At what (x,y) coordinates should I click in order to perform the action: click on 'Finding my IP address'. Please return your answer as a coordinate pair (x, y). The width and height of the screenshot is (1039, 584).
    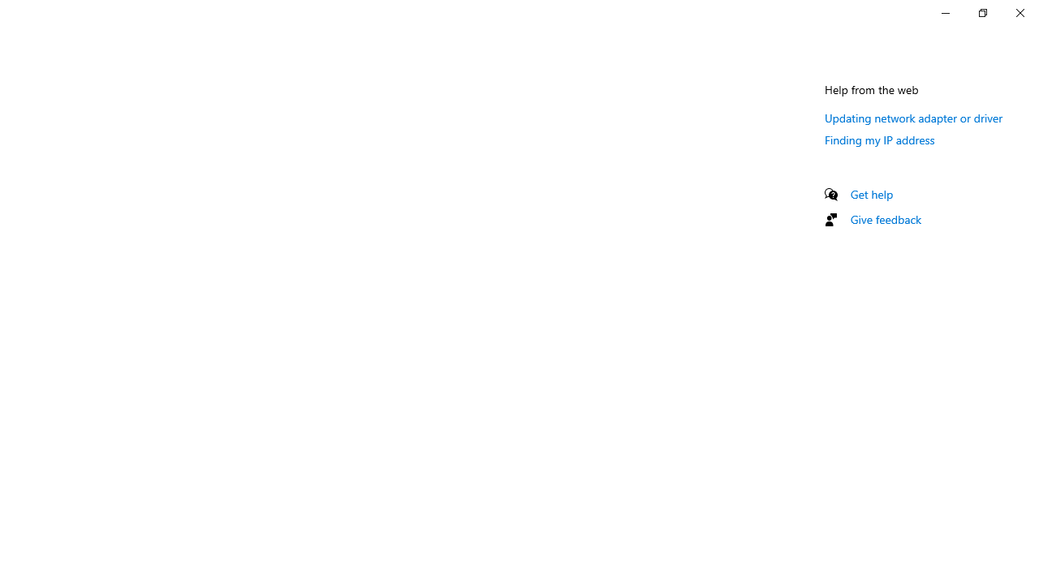
    Looking at the image, I should click on (879, 139).